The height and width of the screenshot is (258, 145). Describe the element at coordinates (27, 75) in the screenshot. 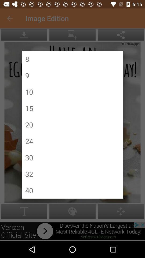

I see `the 9` at that location.